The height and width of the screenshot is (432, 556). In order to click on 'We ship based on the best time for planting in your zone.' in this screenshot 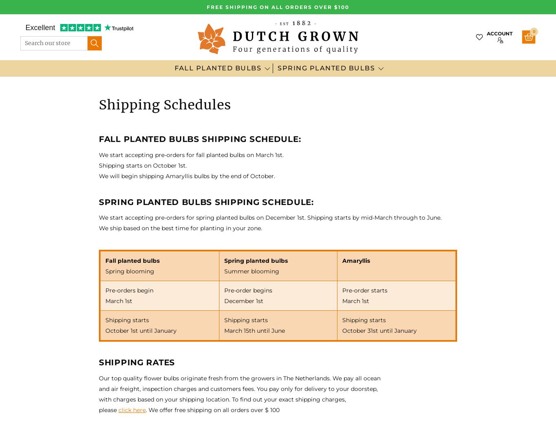, I will do `click(99, 228)`.